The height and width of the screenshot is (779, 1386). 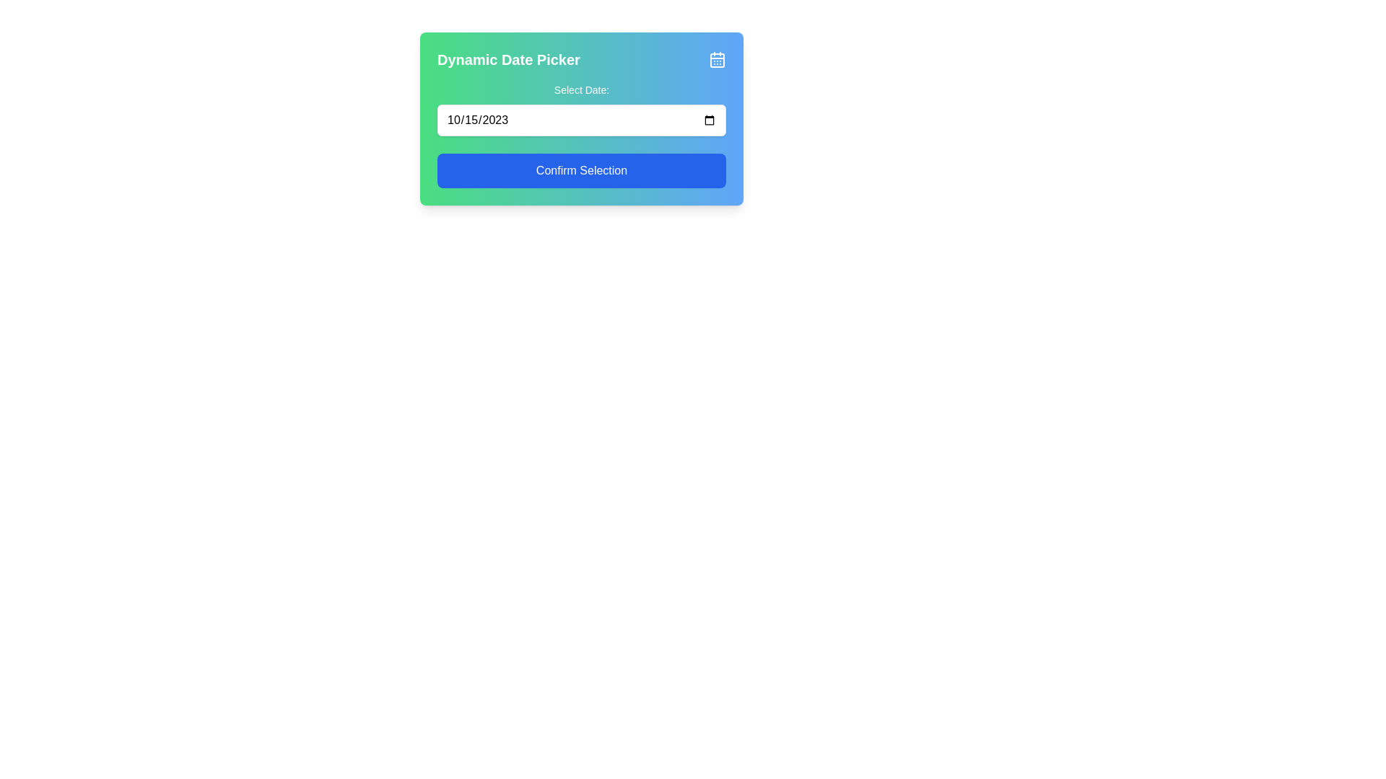 What do you see at coordinates (582, 89) in the screenshot?
I see `the text label that indicates the purpose of the adjacent date input field, which is positioned above the input field in the date picker interface` at bounding box center [582, 89].